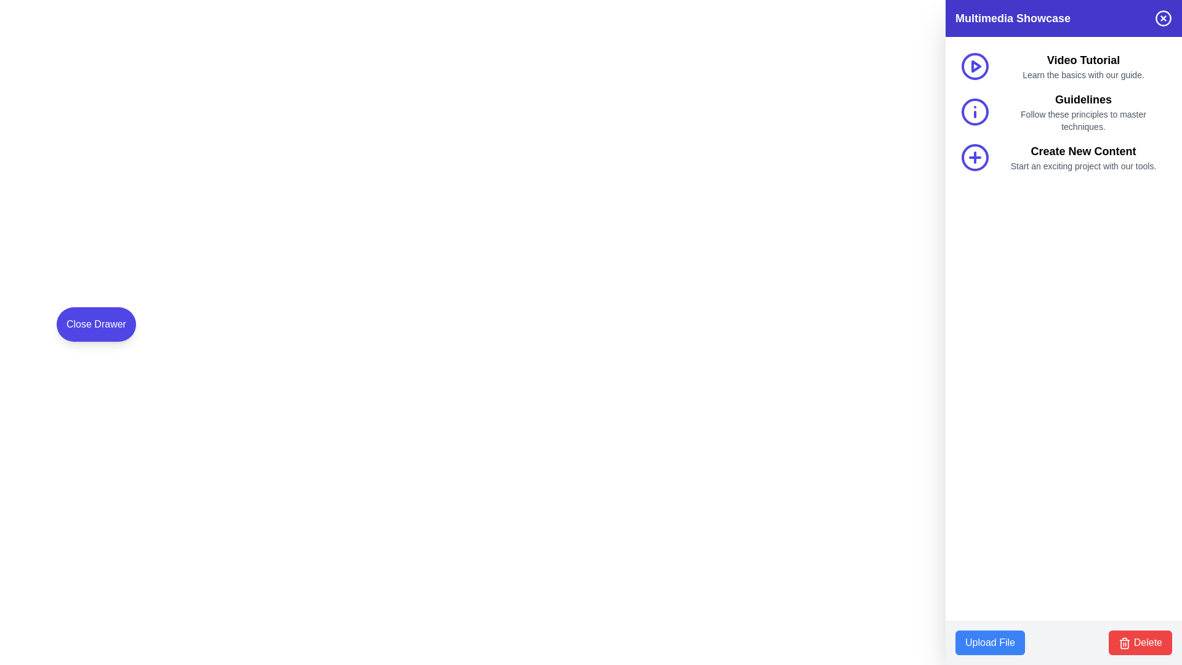  Describe the element at coordinates (1083, 99) in the screenshot. I see `the header text located in the sidebar, which is the title above the descriptive text 'Follow these principles to master techniques.'` at that location.